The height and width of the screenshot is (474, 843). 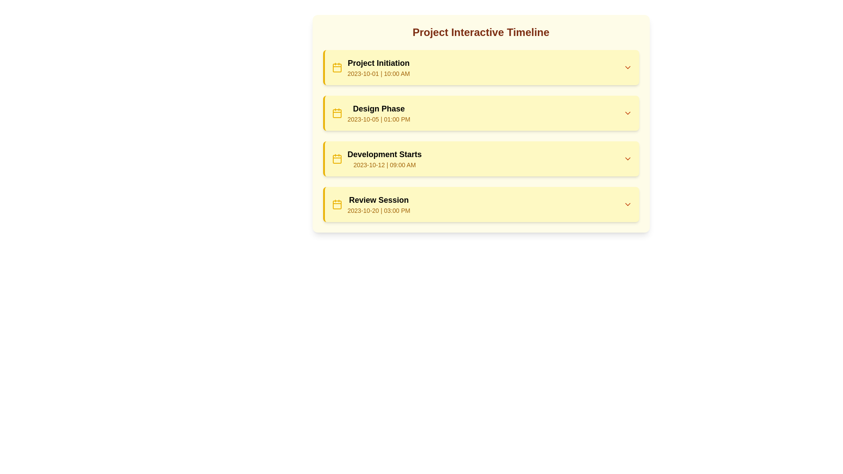 I want to click on the labeled information block displaying scheduled information about the 'Project Initiation' event, located below the title header 'Project Interactive Timeline.', so click(x=378, y=67).